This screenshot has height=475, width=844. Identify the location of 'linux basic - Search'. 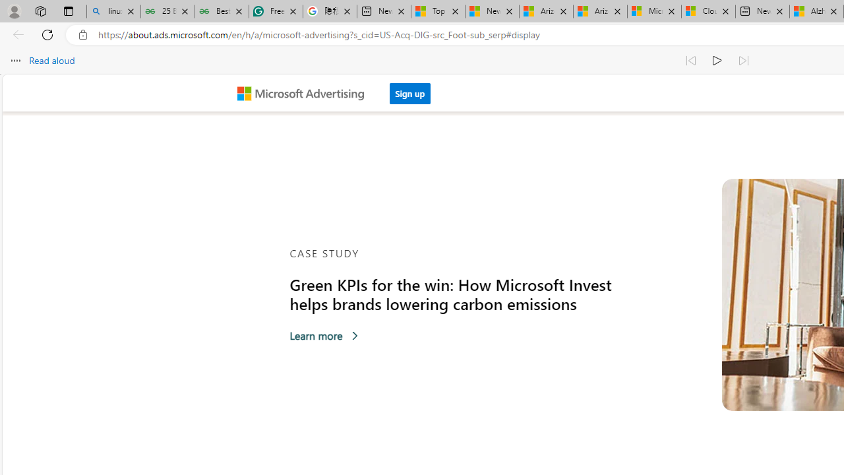
(113, 11).